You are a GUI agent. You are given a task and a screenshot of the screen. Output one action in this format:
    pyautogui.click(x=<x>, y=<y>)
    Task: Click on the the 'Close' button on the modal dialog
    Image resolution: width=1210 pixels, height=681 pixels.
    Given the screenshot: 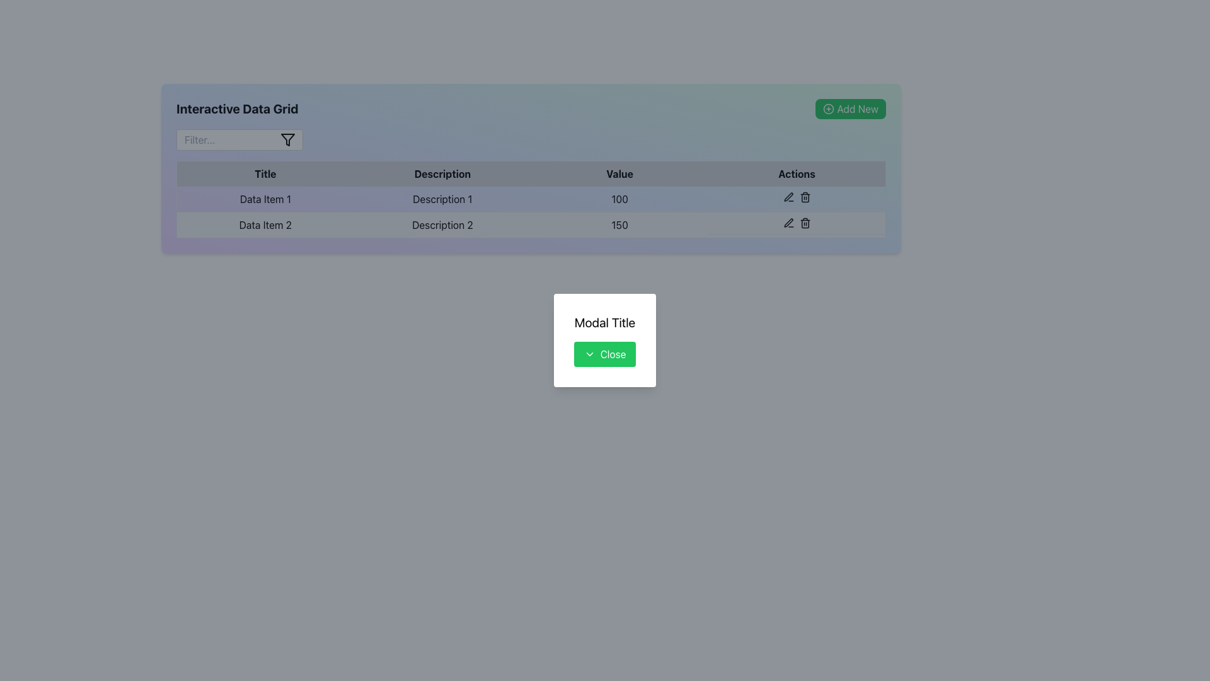 What is the action you would take?
    pyautogui.click(x=605, y=340)
    